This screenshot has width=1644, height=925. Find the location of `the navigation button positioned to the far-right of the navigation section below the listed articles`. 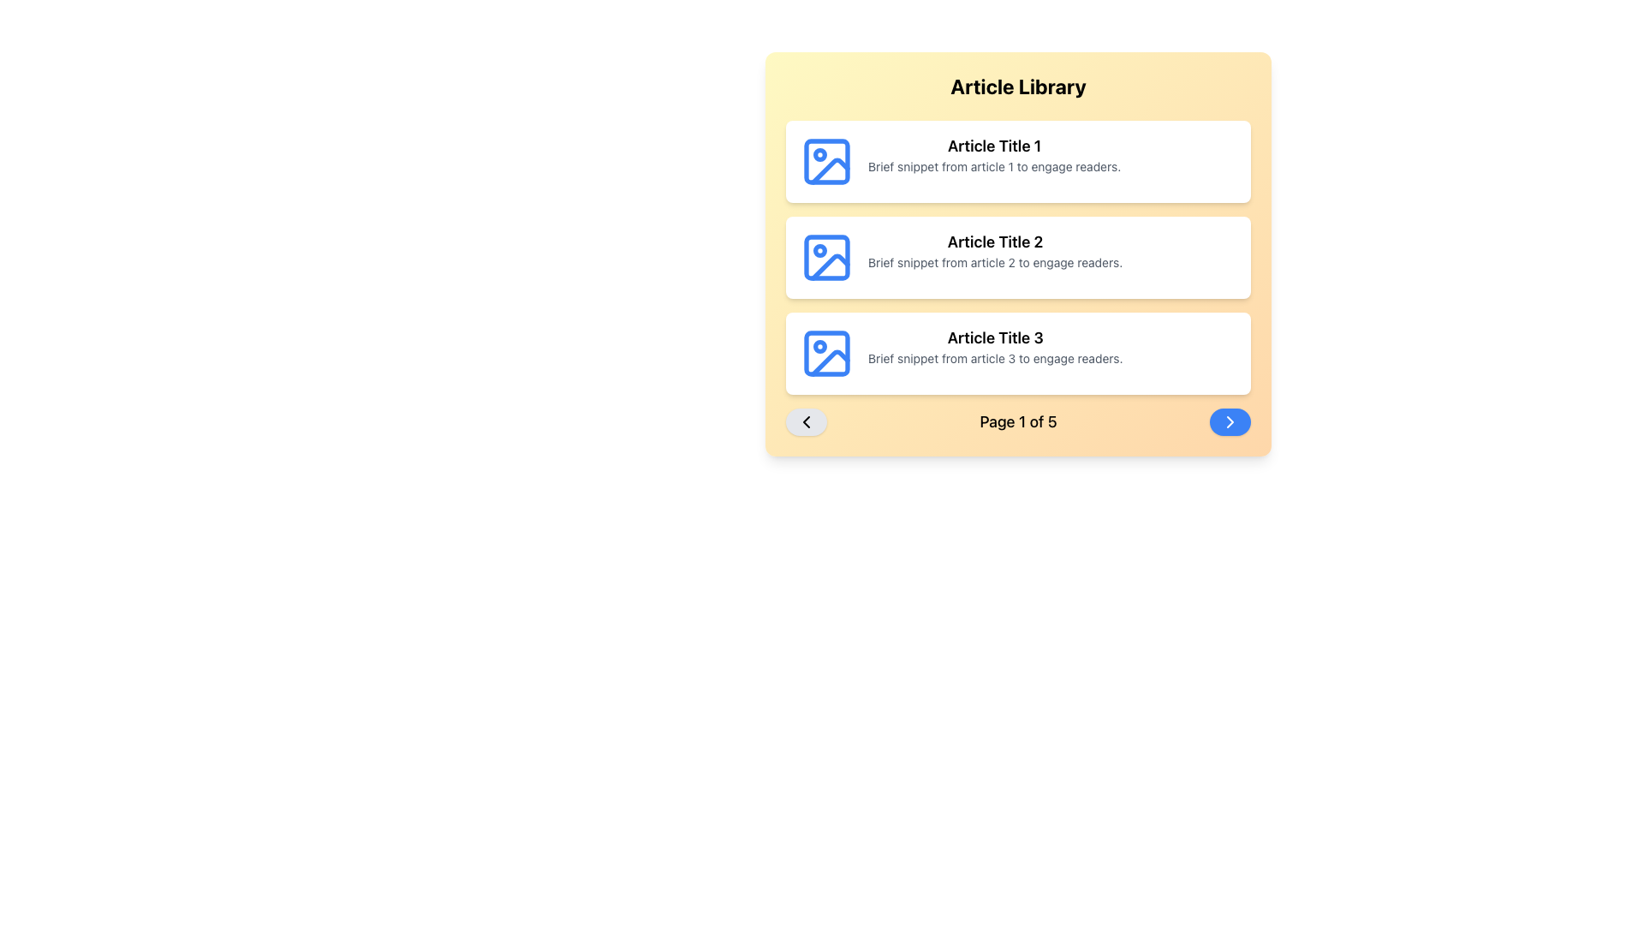

the navigation button positioned to the far-right of the navigation section below the listed articles is located at coordinates (1229, 422).